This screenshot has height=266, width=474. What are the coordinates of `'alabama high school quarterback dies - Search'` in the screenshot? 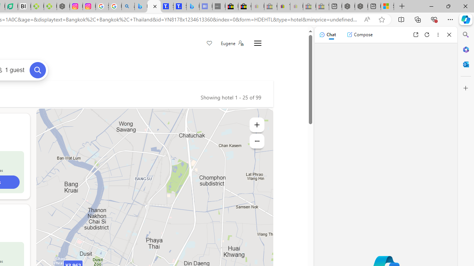 It's located at (128, 6).